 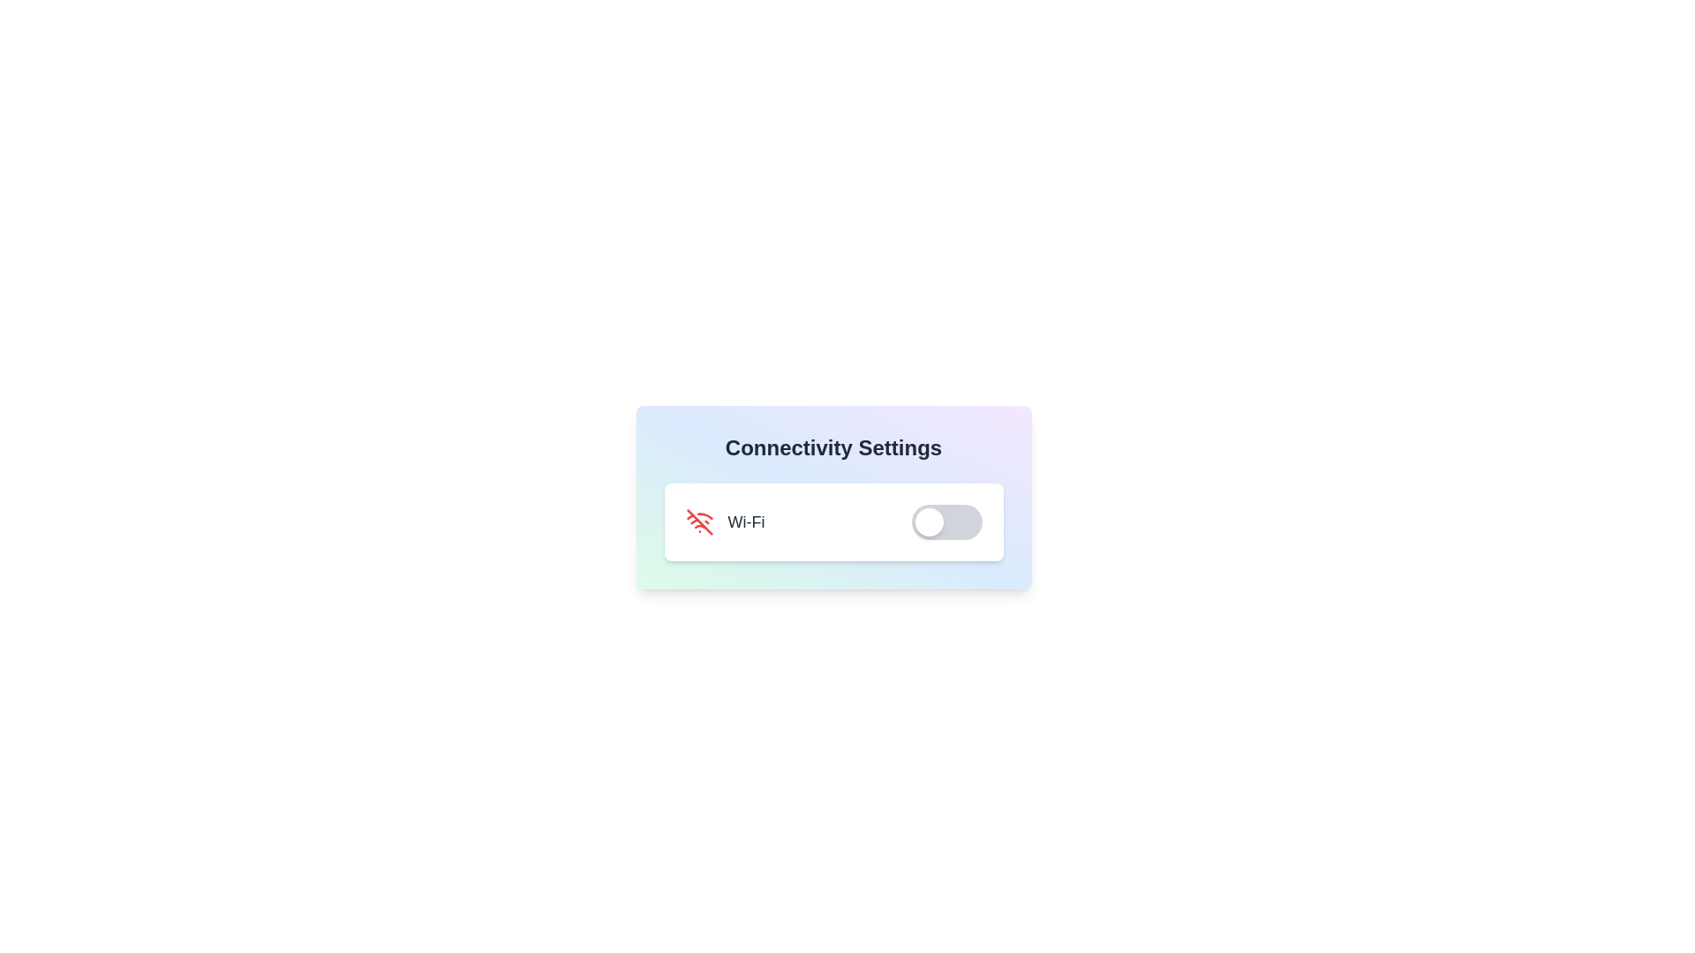 What do you see at coordinates (698, 521) in the screenshot?
I see `the red Wi-Fi icon with a line crossing through it, indicating disabled Wi-Fi connectivity, located near the 'Wi-Fi' text and toggle switch in the top-left area` at bounding box center [698, 521].